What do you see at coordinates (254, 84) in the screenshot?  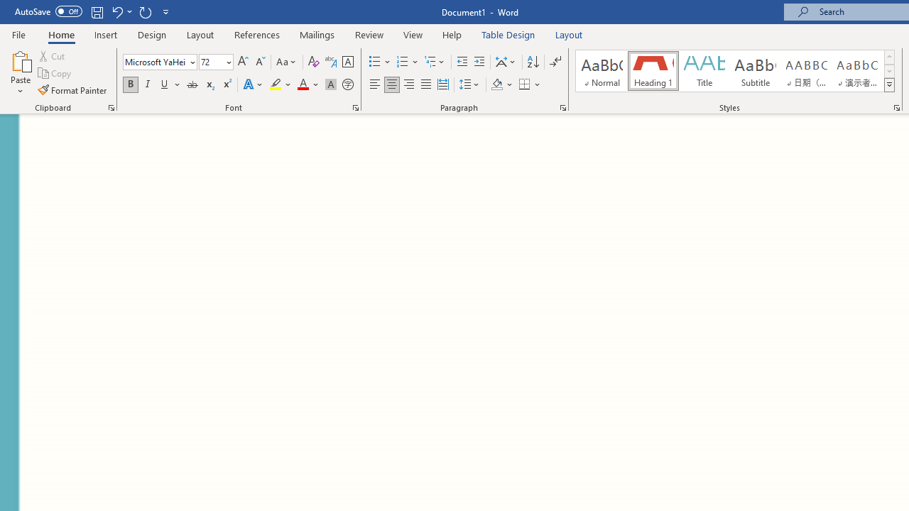 I see `'Text Effects and Typography'` at bounding box center [254, 84].